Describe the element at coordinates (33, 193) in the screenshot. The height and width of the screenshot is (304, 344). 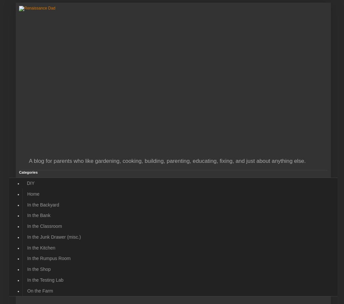
I see `'Home'` at that location.